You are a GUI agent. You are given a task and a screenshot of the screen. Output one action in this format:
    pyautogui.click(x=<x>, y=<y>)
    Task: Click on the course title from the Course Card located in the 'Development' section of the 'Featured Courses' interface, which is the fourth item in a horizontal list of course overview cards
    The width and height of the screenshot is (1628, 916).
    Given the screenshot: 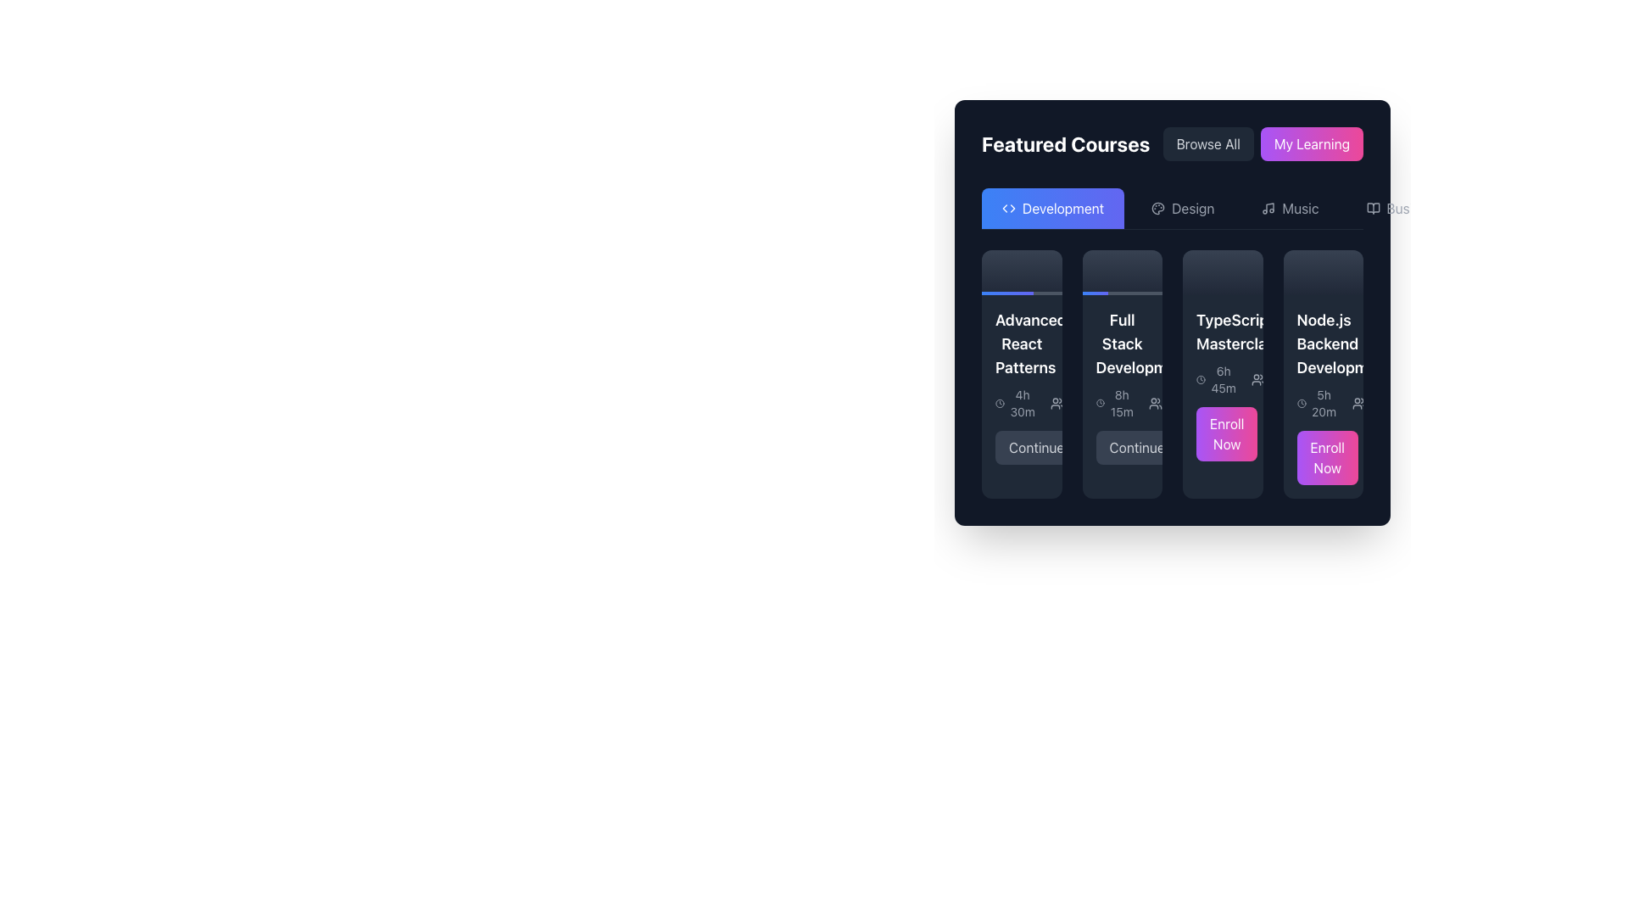 What is the action you would take?
    pyautogui.click(x=1322, y=397)
    